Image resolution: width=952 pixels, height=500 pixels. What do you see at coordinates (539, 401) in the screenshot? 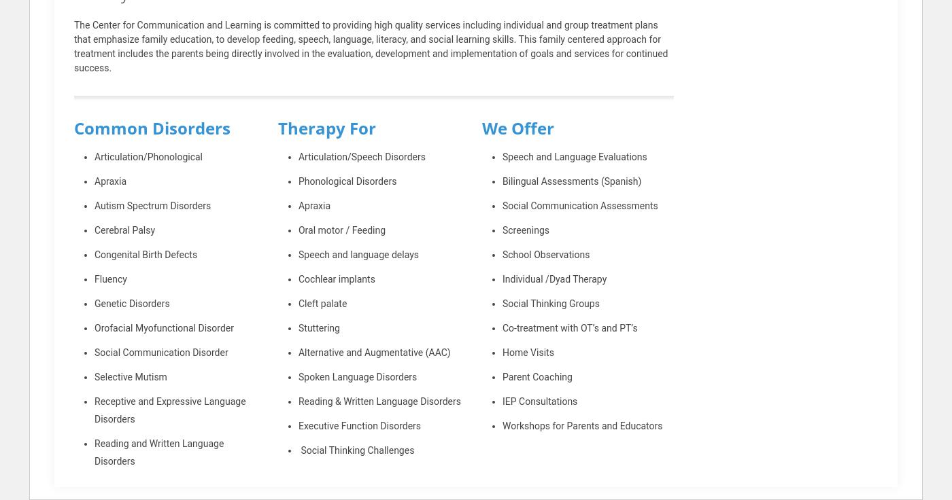
I see `'IEP Consultations'` at bounding box center [539, 401].